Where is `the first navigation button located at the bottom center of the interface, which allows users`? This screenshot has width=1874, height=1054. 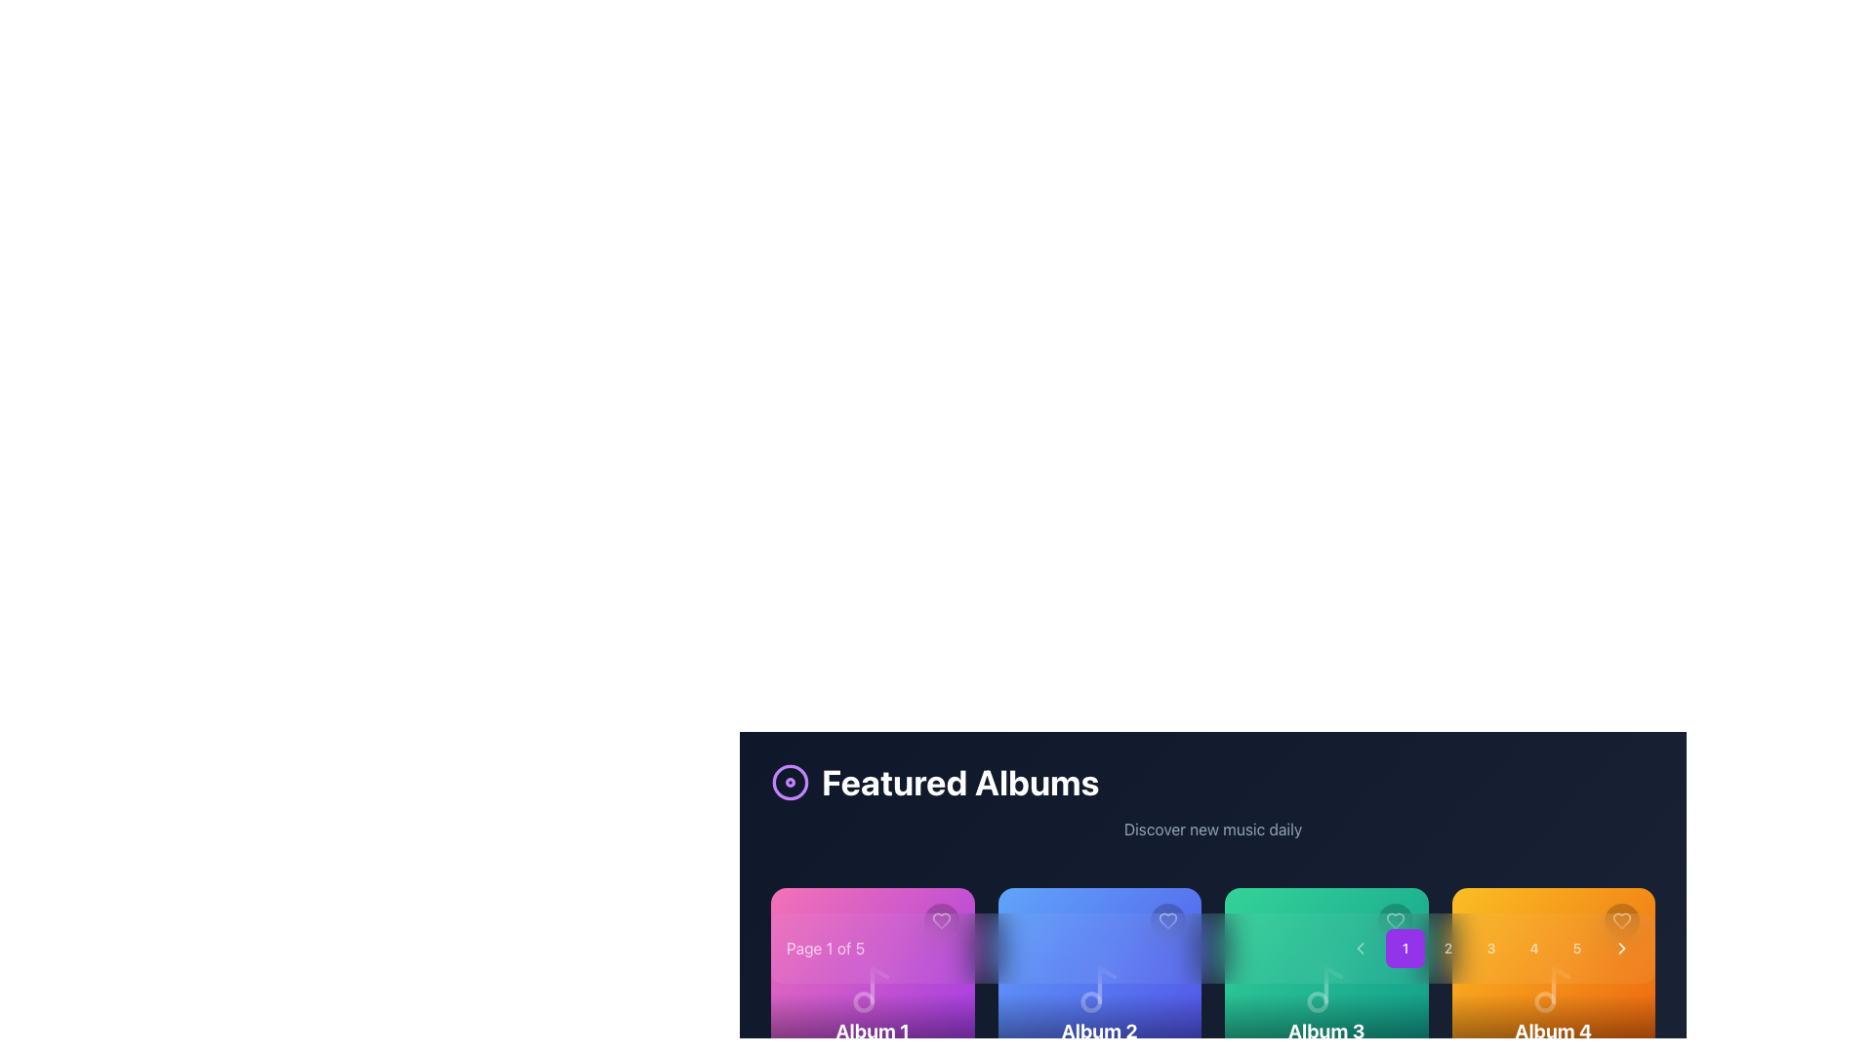
the first navigation button located at the bottom center of the interface, which allows users is located at coordinates (1405, 948).